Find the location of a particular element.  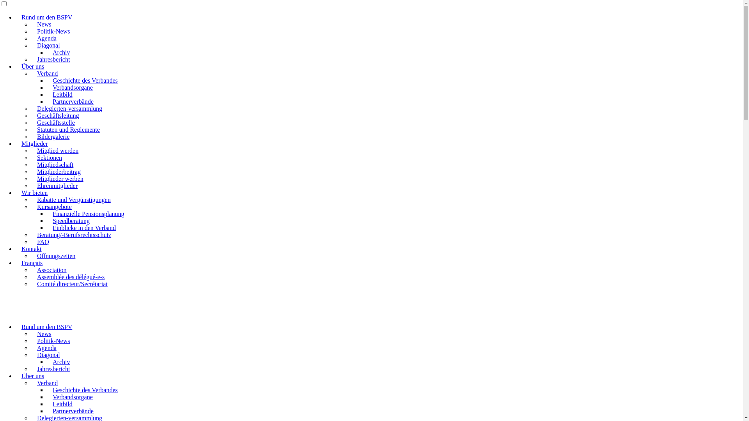

'Geschichte des Verbandes' is located at coordinates (85, 390).